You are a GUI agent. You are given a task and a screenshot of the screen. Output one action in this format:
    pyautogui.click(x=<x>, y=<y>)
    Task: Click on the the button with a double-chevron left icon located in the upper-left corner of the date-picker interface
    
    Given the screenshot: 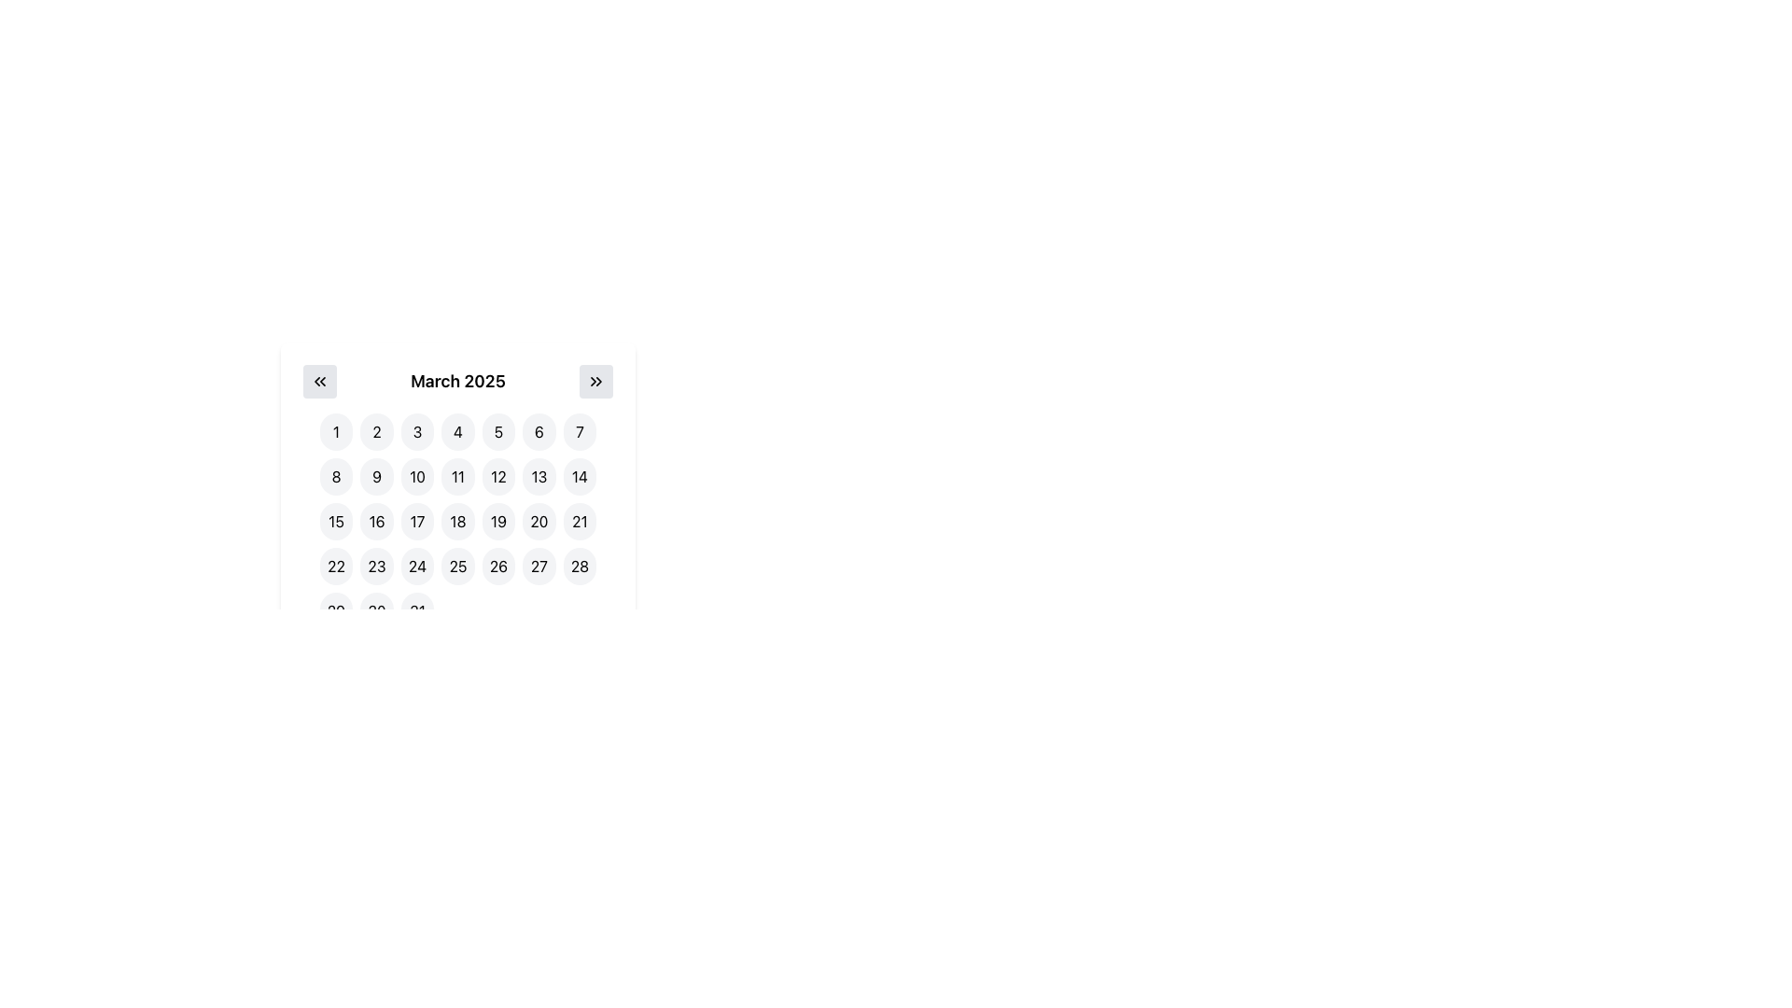 What is the action you would take?
    pyautogui.click(x=319, y=380)
    